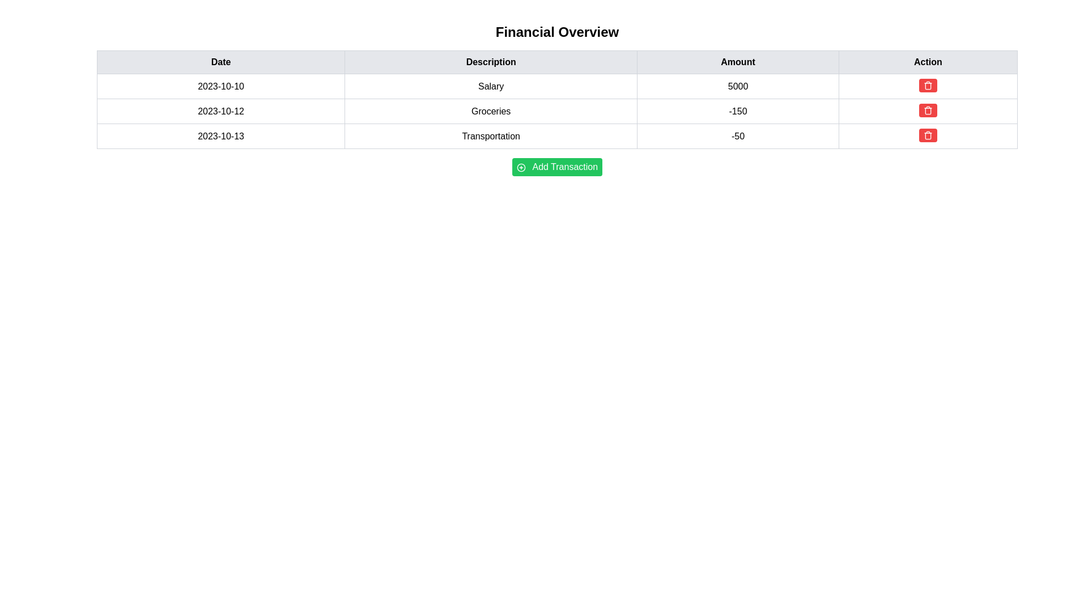 The width and height of the screenshot is (1088, 612). What do you see at coordinates (491, 135) in the screenshot?
I see `the non-interactive text label displaying 'Transportation' in the financial record for the date 2023-10-13, located under the 'Description' column` at bounding box center [491, 135].